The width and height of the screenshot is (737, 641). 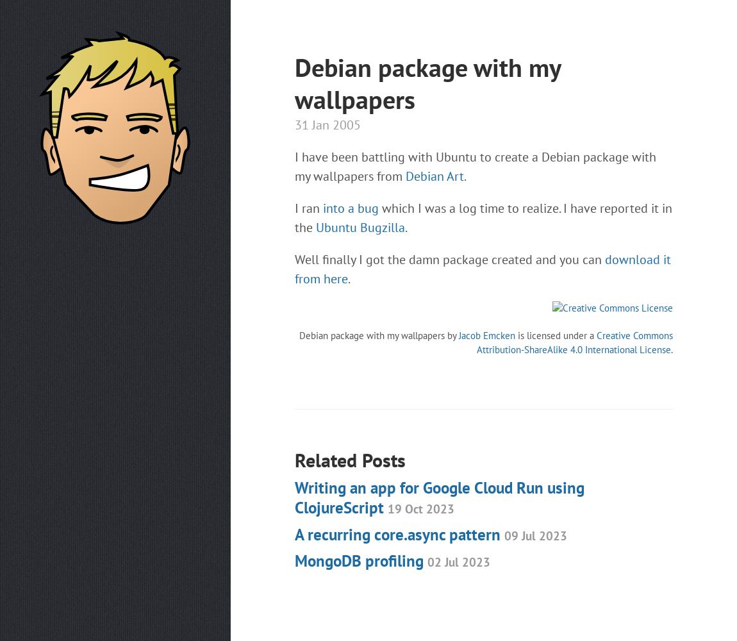 What do you see at coordinates (449, 260) in the screenshot?
I see `'Well finally I got the damn package created and you can'` at bounding box center [449, 260].